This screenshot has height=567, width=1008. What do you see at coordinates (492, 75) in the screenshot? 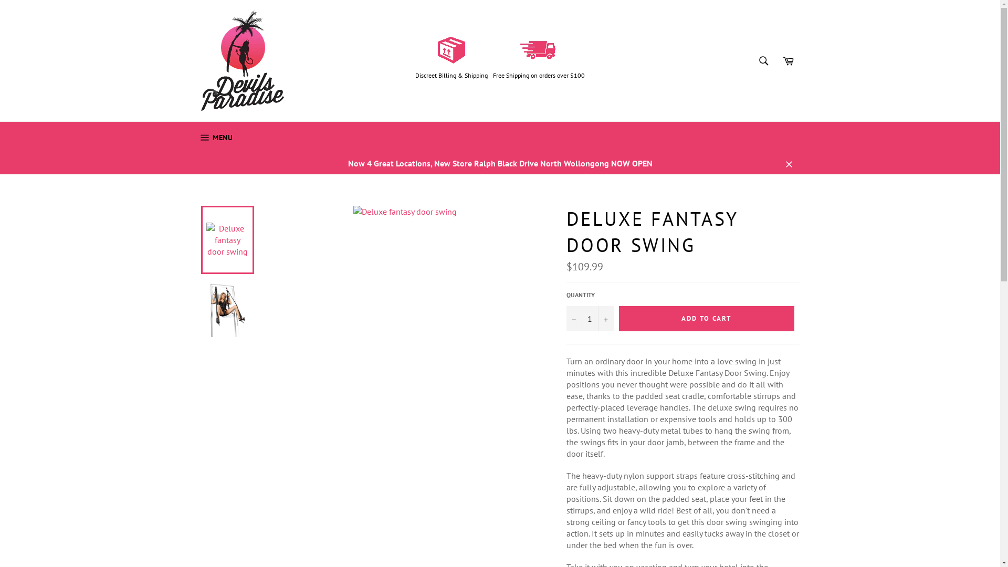
I see `'Free Shipping on orders over $100'` at bounding box center [492, 75].